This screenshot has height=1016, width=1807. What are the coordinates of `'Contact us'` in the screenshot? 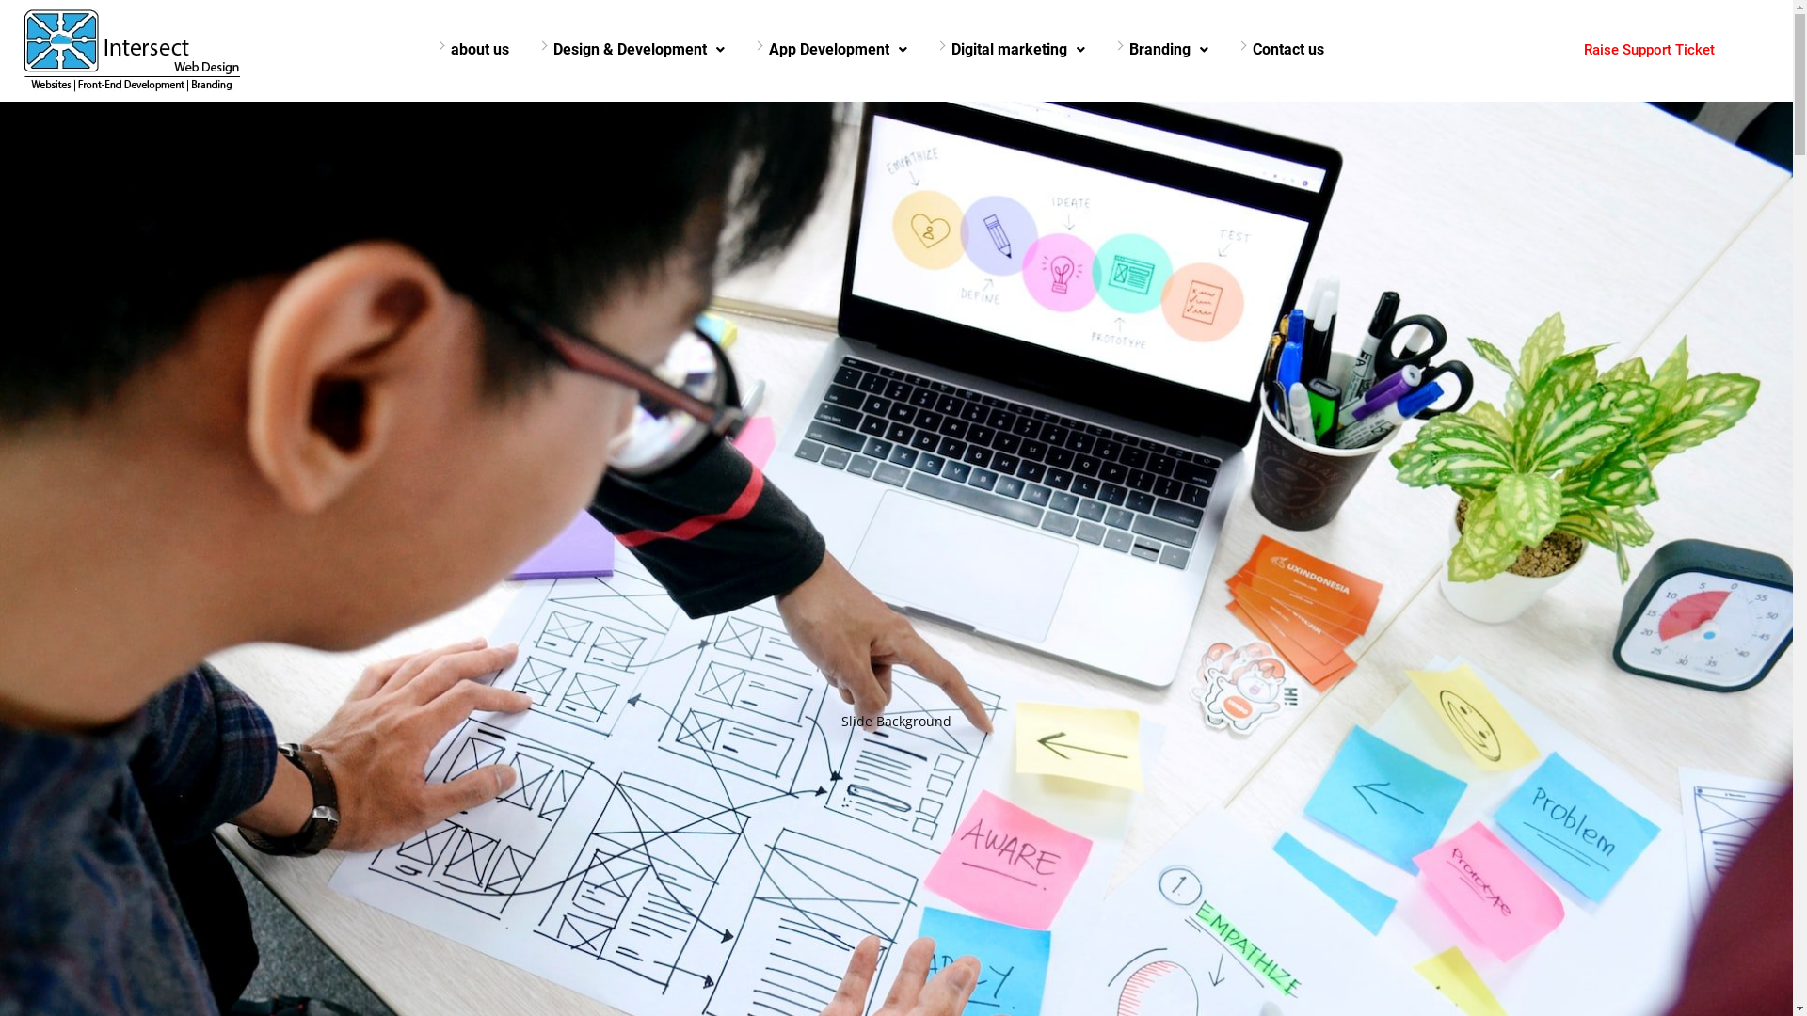 It's located at (1238, 49).